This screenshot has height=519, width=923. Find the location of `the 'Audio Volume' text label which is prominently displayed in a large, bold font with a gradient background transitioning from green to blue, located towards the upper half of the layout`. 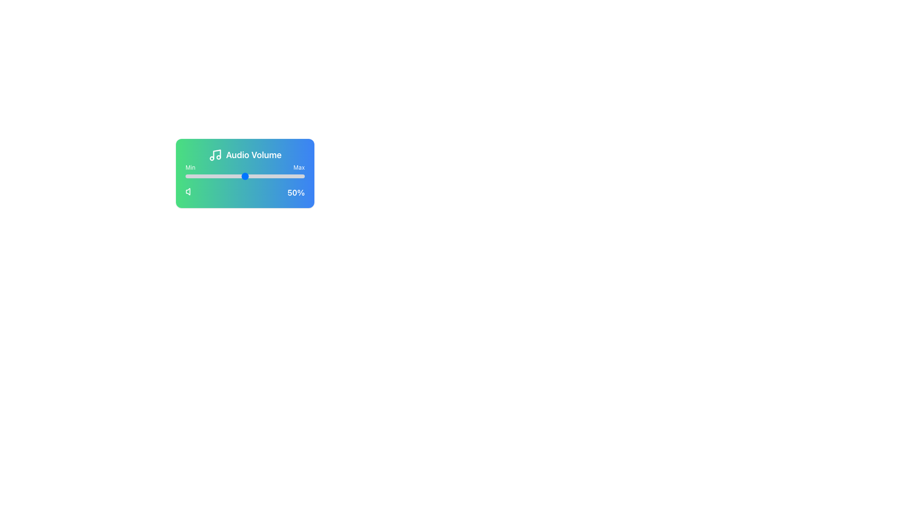

the 'Audio Volume' text label which is prominently displayed in a large, bold font with a gradient background transitioning from green to blue, located towards the upper half of the layout is located at coordinates (254, 155).